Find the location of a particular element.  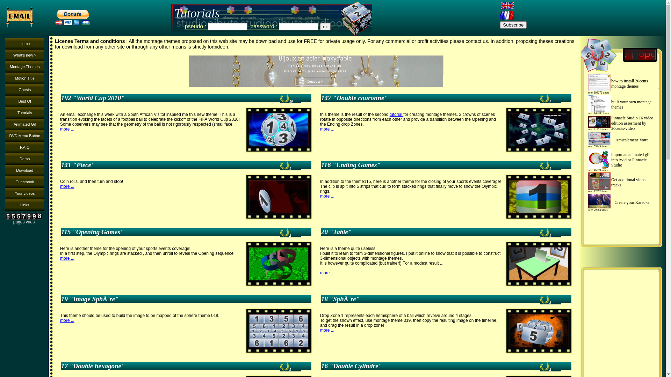

'Subscribe' is located at coordinates (499, 24).